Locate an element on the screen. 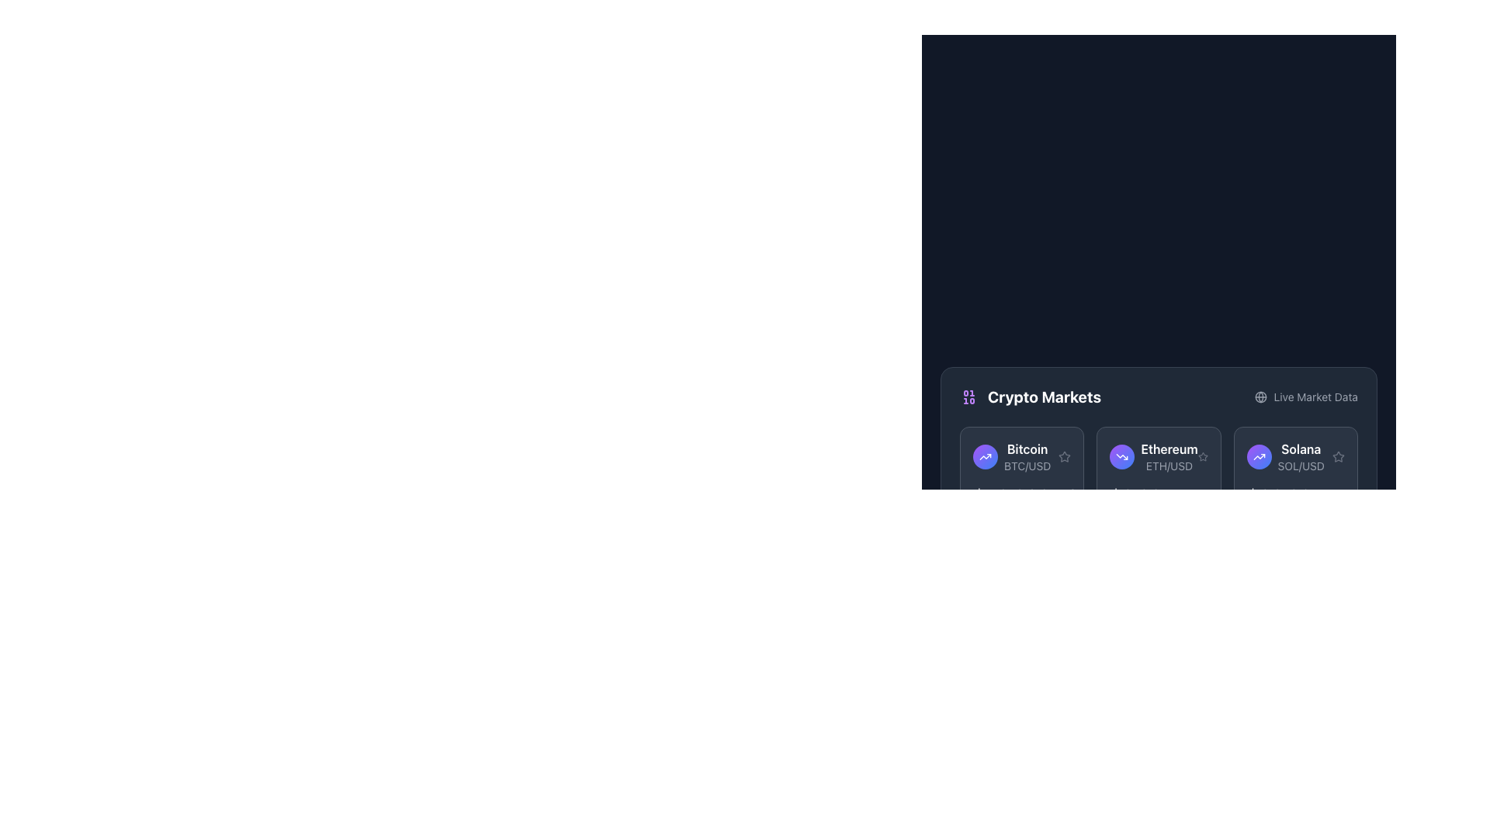 This screenshot has width=1490, height=838. the Bitcoin card component in the Crypto Markets section is located at coordinates (1022, 473).